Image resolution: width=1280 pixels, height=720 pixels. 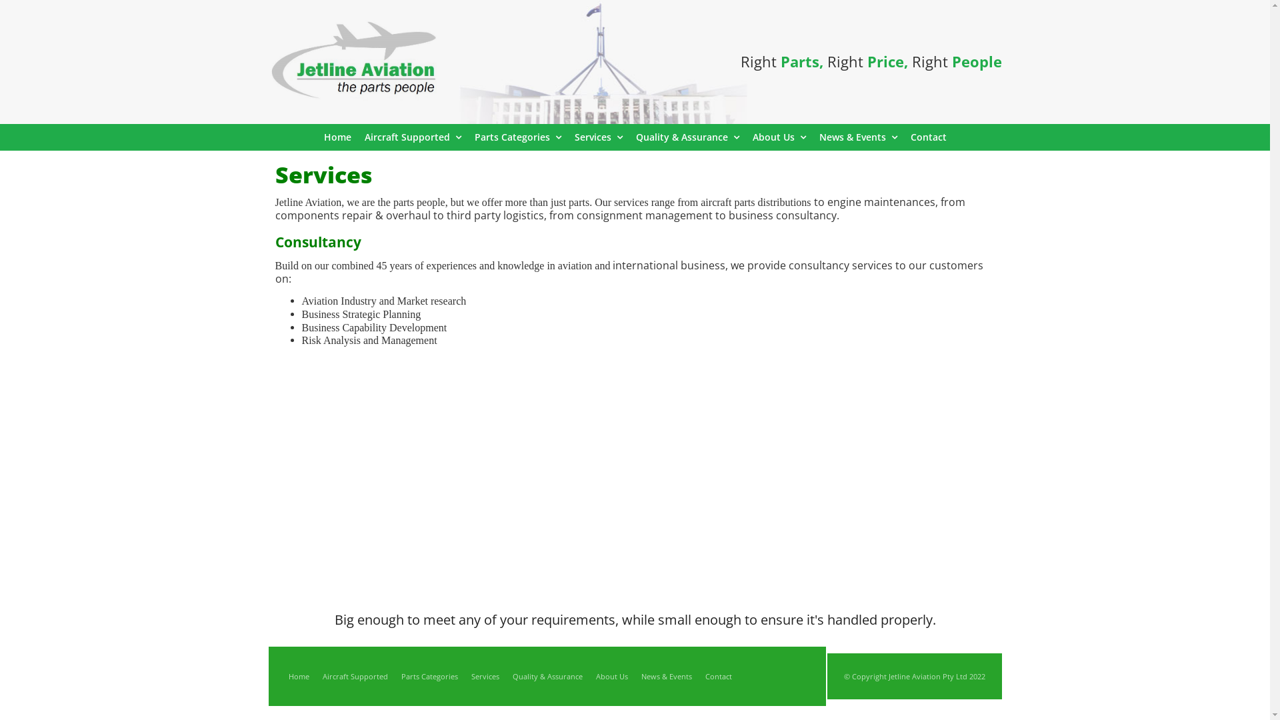 What do you see at coordinates (517, 137) in the screenshot?
I see `'Parts Categories'` at bounding box center [517, 137].